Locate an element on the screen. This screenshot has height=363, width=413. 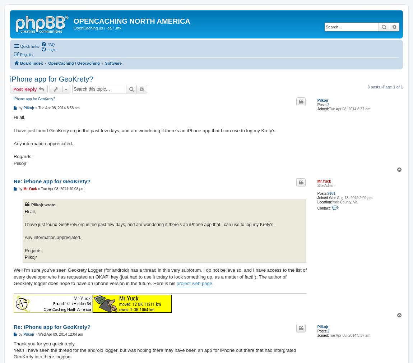
'York County, Va.' is located at coordinates (345, 201).